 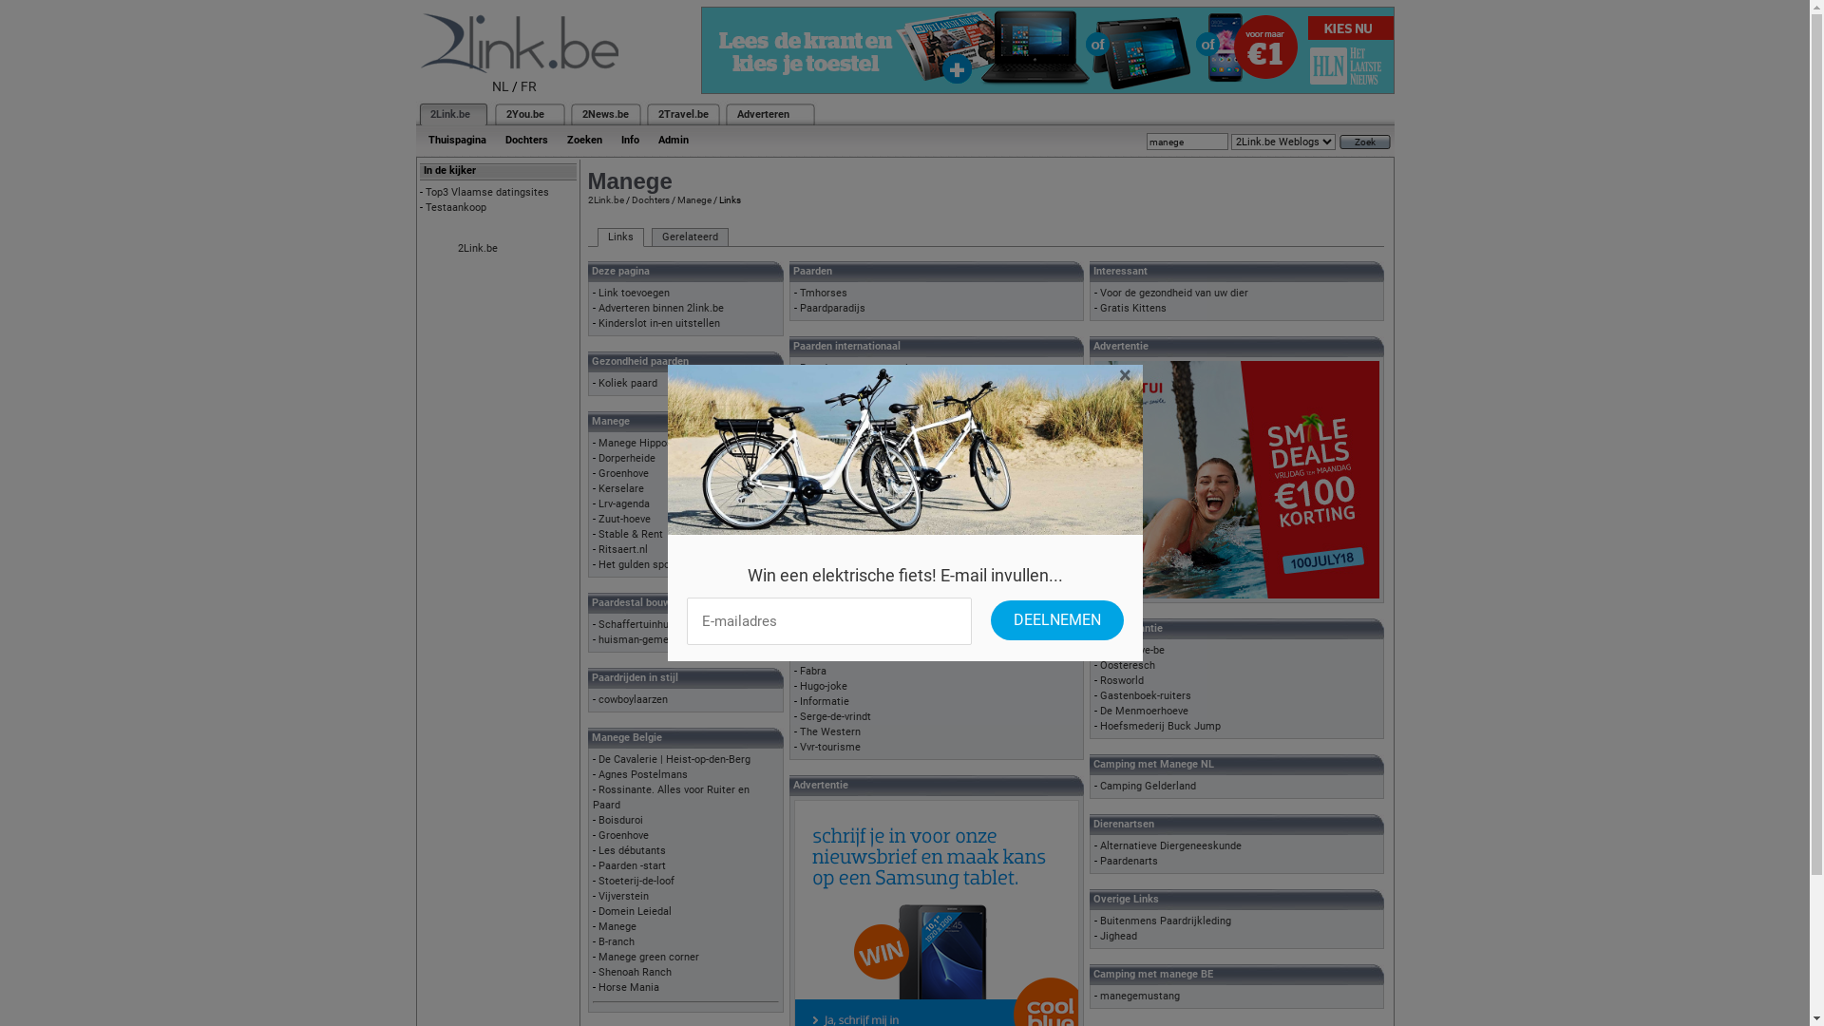 What do you see at coordinates (1099, 664) in the screenshot?
I see `'Oosteresch'` at bounding box center [1099, 664].